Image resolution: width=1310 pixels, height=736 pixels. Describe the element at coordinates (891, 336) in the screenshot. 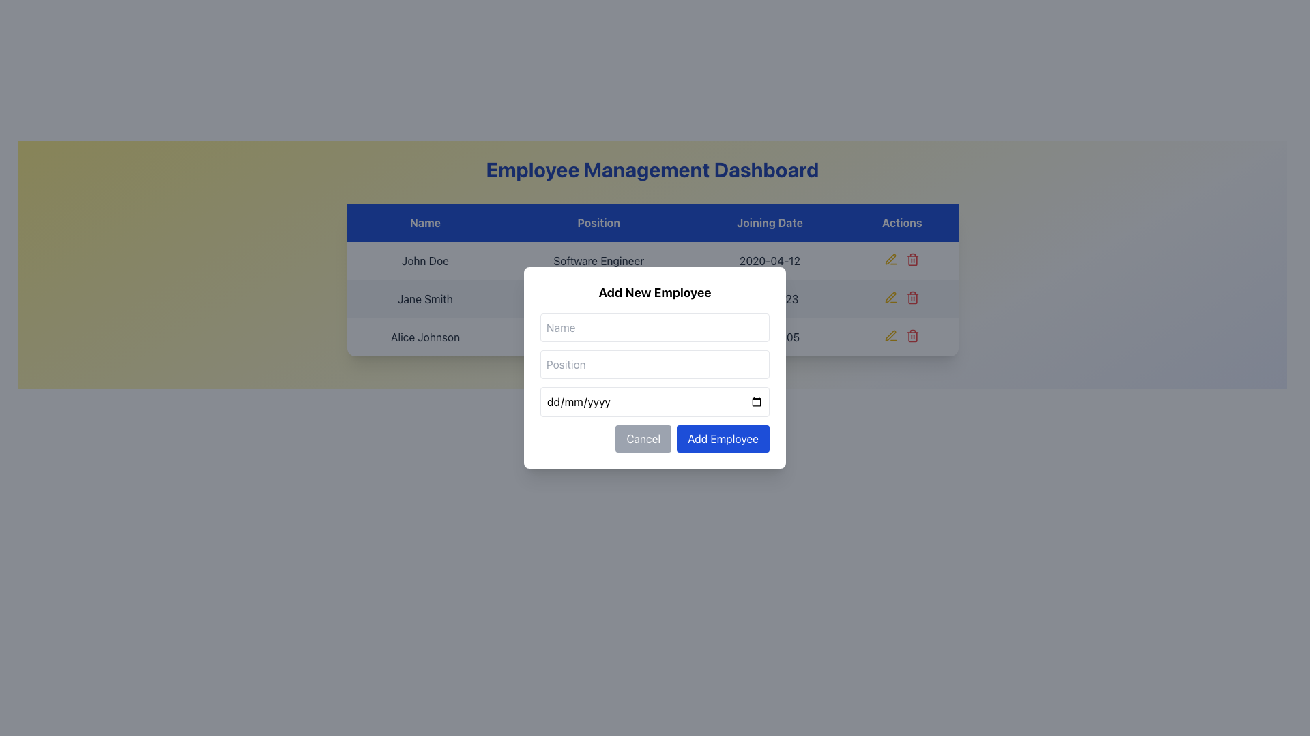

I see `the pen icon located in the middle row of the Actions column to initiate the edit mode` at that location.